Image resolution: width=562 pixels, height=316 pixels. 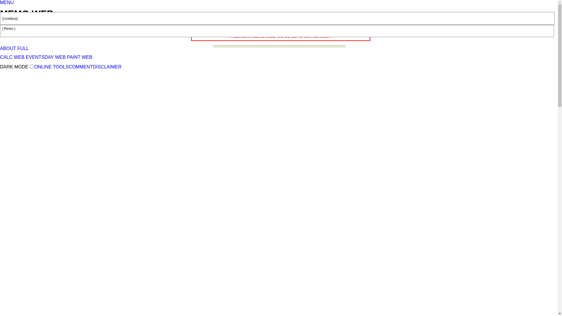 What do you see at coordinates (20, 25) in the screenshot?
I see `'ONLINE TOOLS'` at bounding box center [20, 25].